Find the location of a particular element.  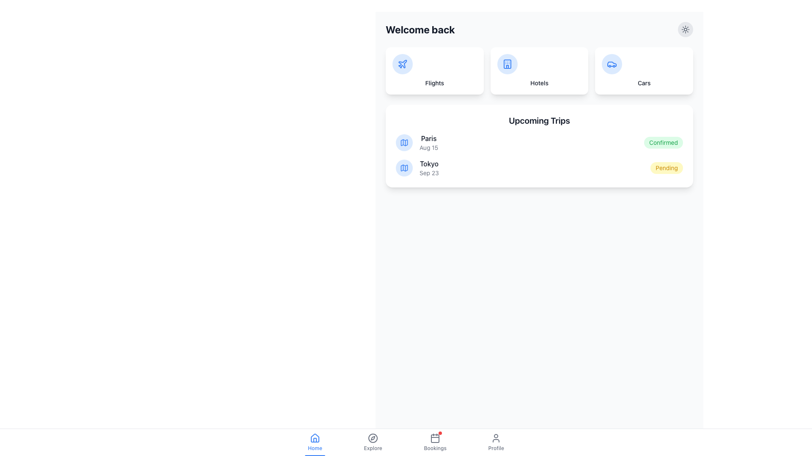

the Flights icon, which is represented by a circular light-blue background and is the first card on the left labeled 'Flights' within the 'Welcome back' section is located at coordinates (402, 63).